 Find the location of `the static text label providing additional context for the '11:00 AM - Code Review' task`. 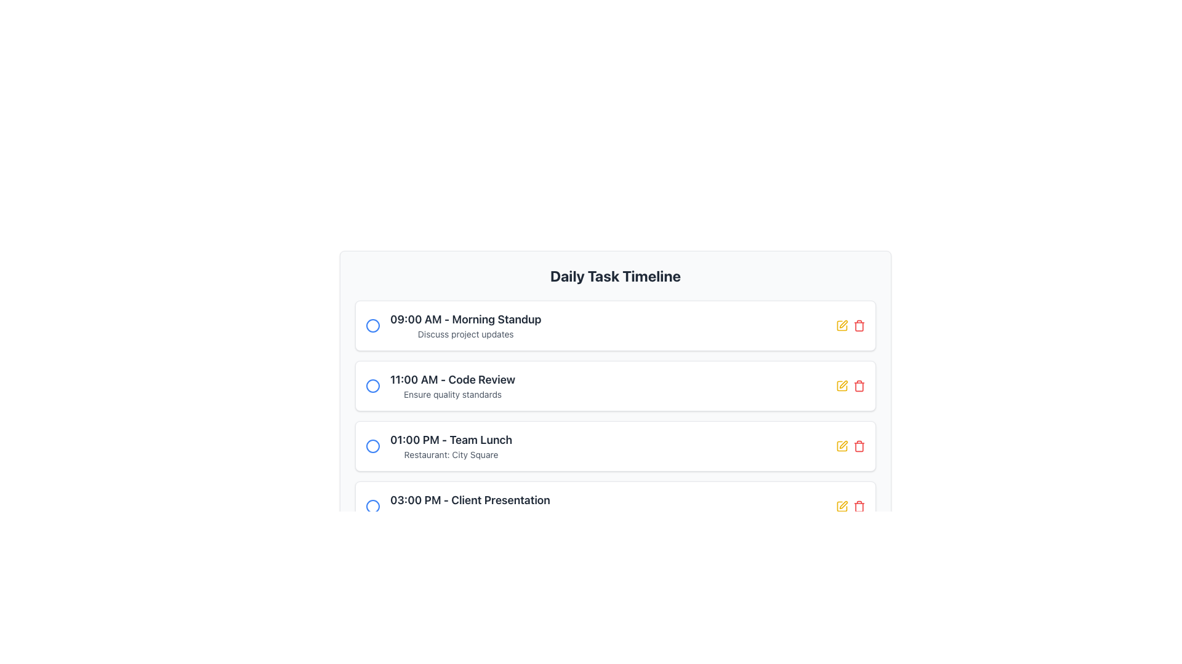

the static text label providing additional context for the '11:00 AM - Code Review' task is located at coordinates (452, 394).